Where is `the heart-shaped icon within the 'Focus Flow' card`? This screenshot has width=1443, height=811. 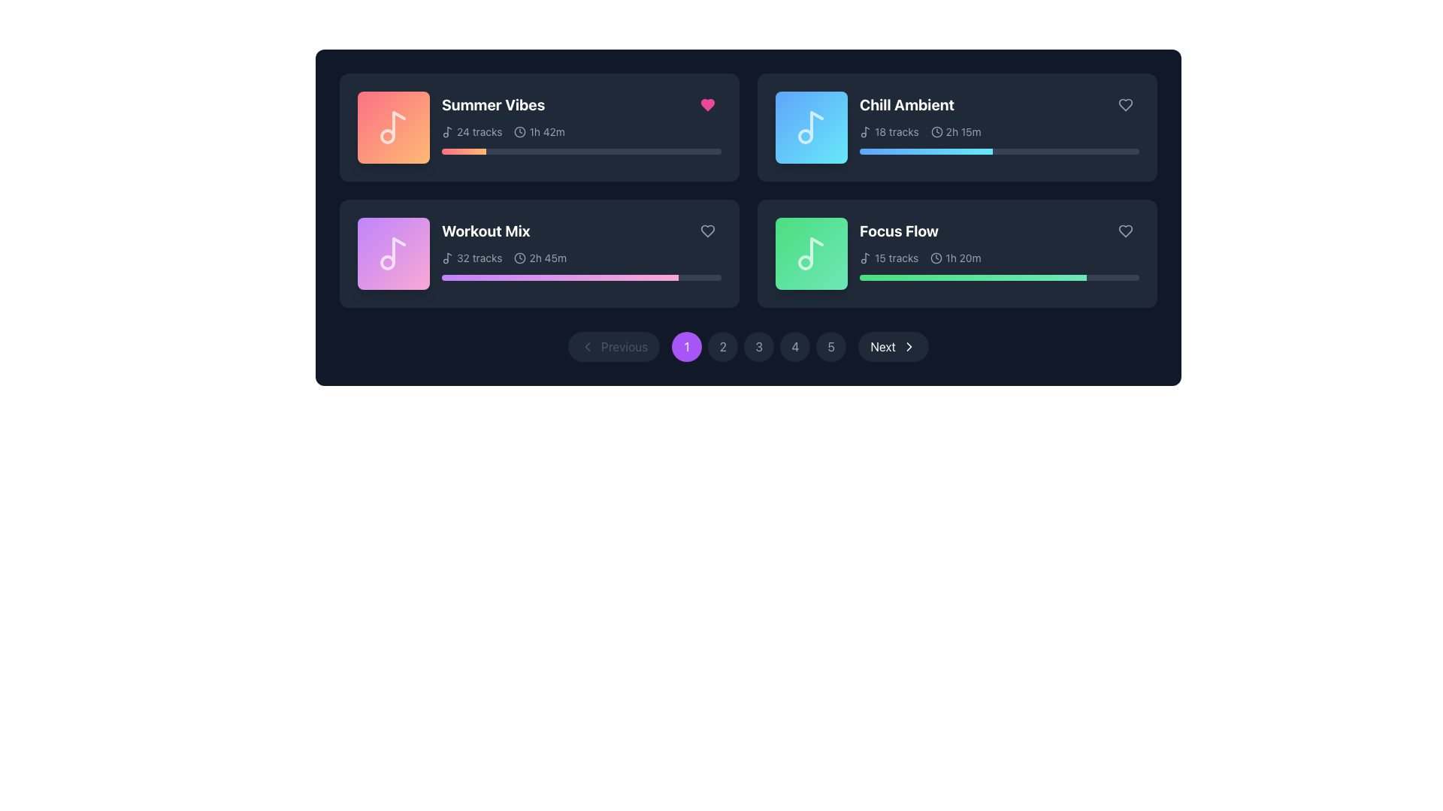
the heart-shaped icon within the 'Focus Flow' card is located at coordinates (1125, 231).